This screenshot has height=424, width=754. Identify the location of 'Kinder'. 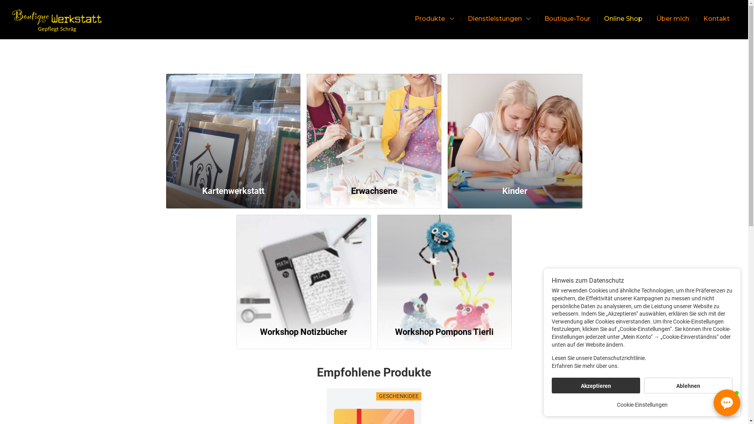
(515, 125).